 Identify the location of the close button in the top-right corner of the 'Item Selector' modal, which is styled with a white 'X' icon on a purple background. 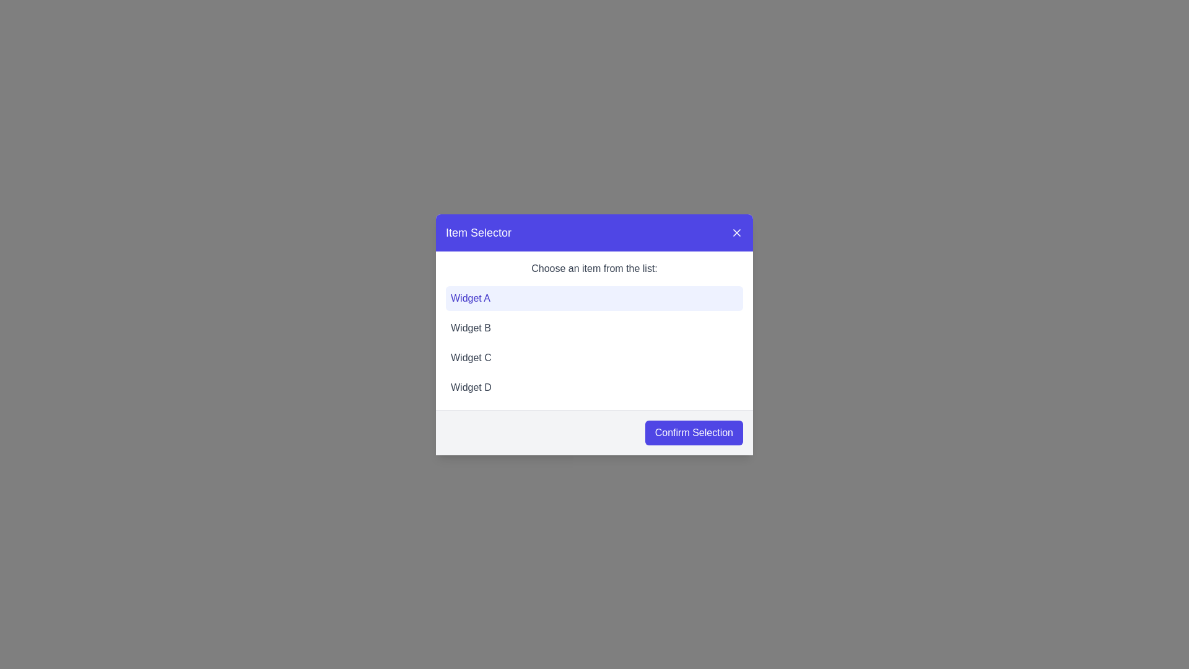
(737, 232).